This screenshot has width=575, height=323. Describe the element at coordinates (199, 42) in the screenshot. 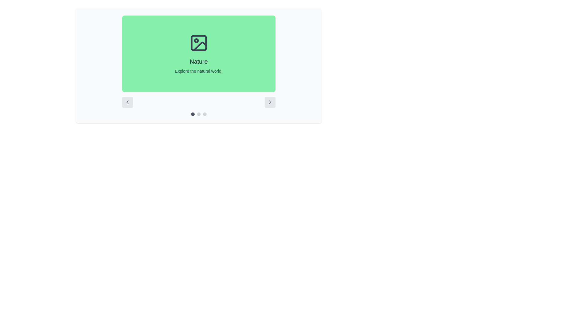

I see `the square-shaped icon with rounded corners located in the center of the green card layout` at that location.